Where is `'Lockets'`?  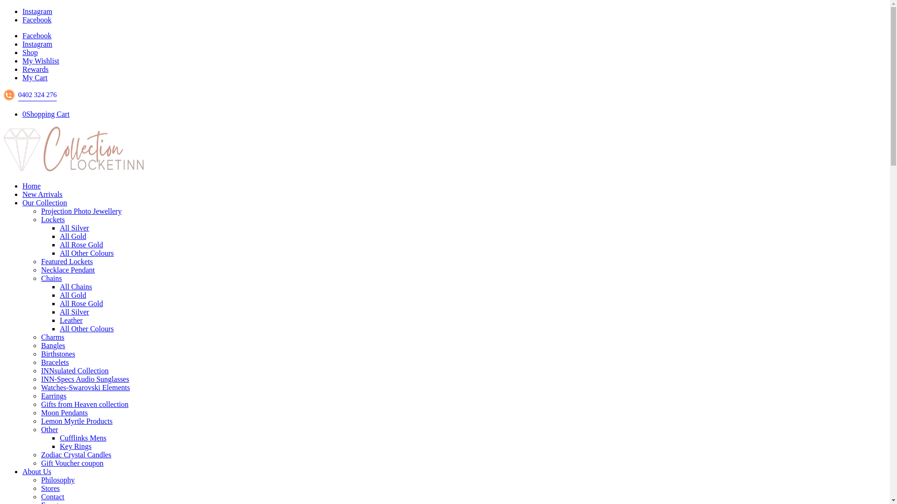 'Lockets' is located at coordinates (40, 219).